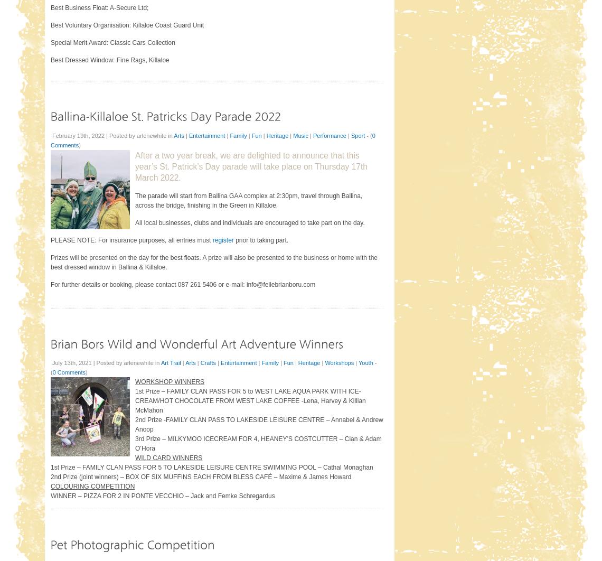  Describe the element at coordinates (250, 400) in the screenshot. I see `'1st Prize – FAMILY CLAN PASS FOR 5 to WEST LAKE AQUA PARK WITH ICE-CREAM/HOT CHOCOLATE FROM WEST LAKE COFFEE -Lena, Harvey & Killian McMahon'` at that location.